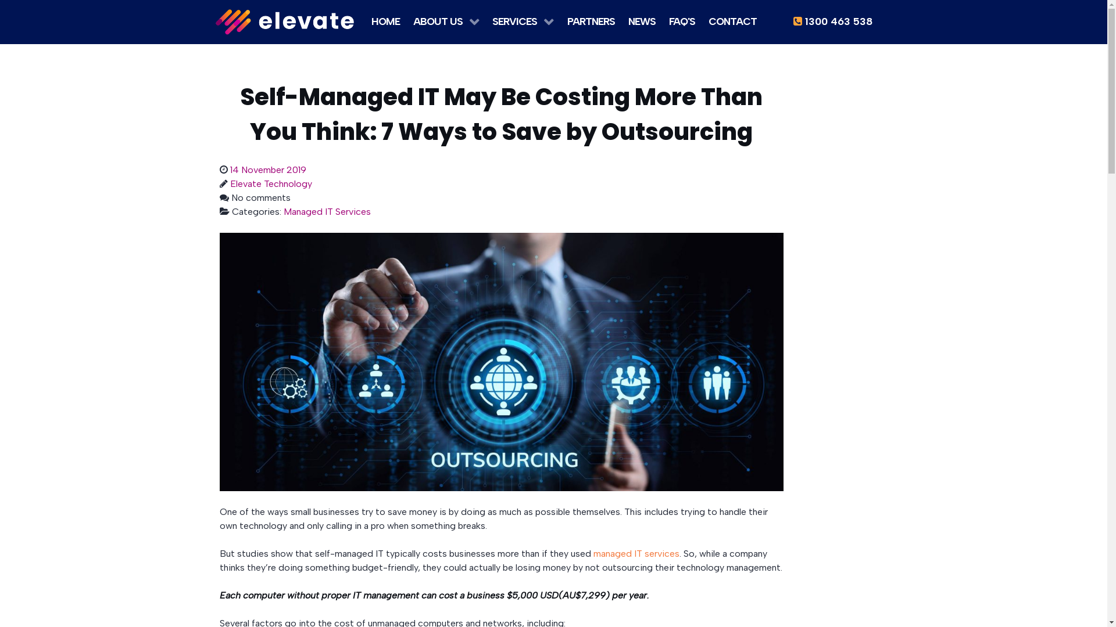 The height and width of the screenshot is (627, 1116). I want to click on 'ABOUT US', so click(445, 20).